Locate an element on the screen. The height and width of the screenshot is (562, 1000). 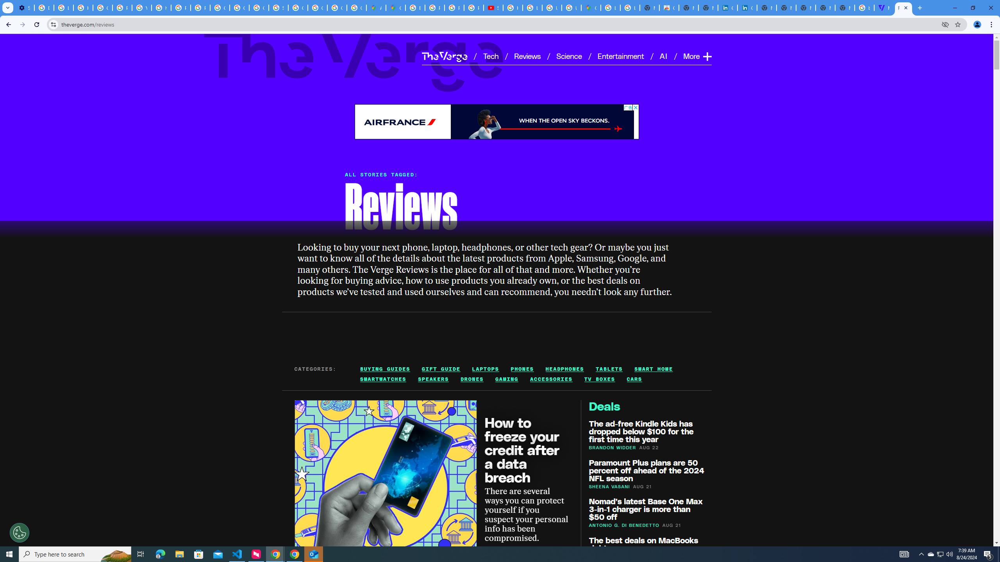
'TABLETS' is located at coordinates (609, 369).